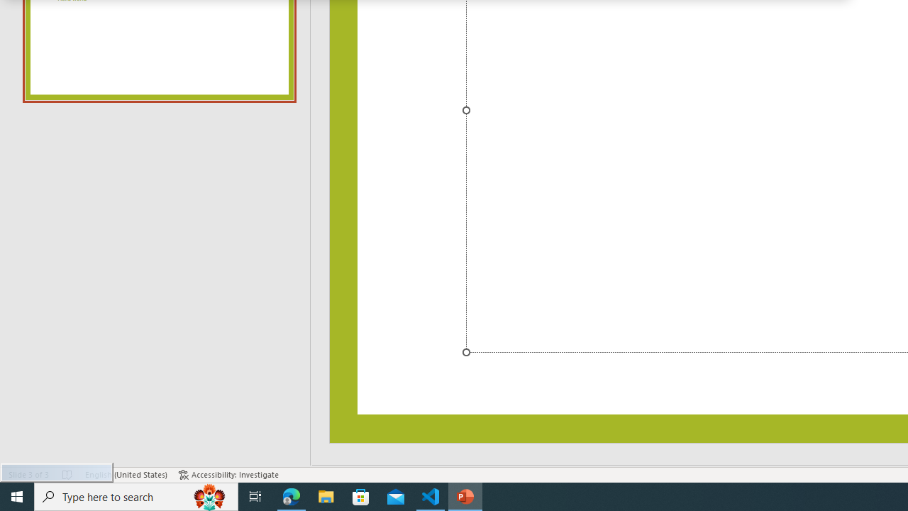 The height and width of the screenshot is (511, 908). I want to click on 'Microsoft Store', so click(361, 495).